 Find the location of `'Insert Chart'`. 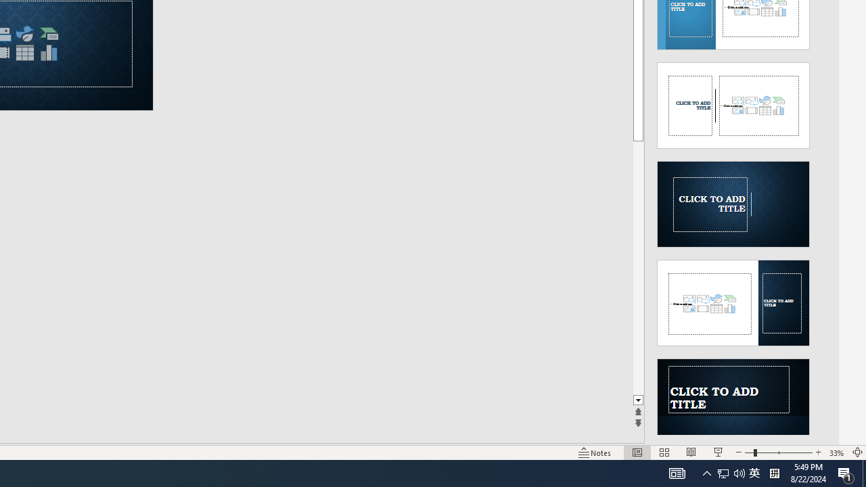

'Insert Chart' is located at coordinates (49, 52).